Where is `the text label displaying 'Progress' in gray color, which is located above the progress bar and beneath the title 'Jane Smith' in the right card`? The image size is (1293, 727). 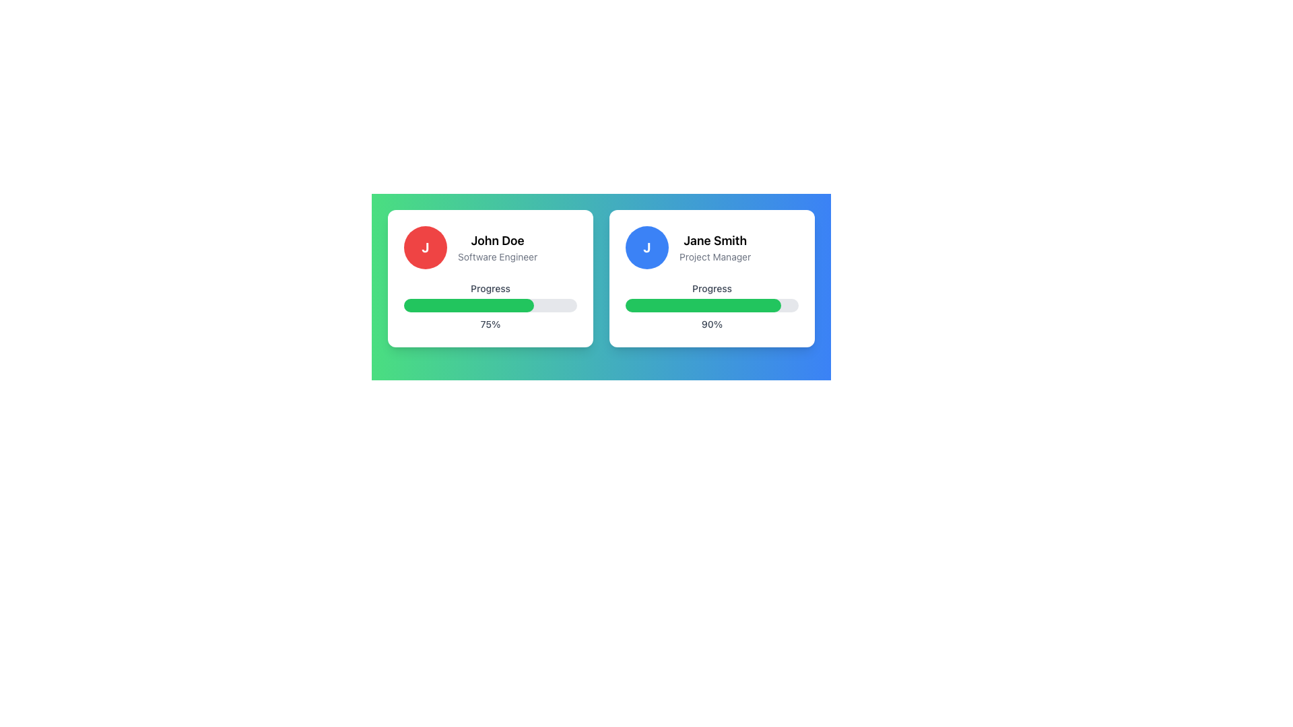 the text label displaying 'Progress' in gray color, which is located above the progress bar and beneath the title 'Jane Smith' in the right card is located at coordinates (711, 287).